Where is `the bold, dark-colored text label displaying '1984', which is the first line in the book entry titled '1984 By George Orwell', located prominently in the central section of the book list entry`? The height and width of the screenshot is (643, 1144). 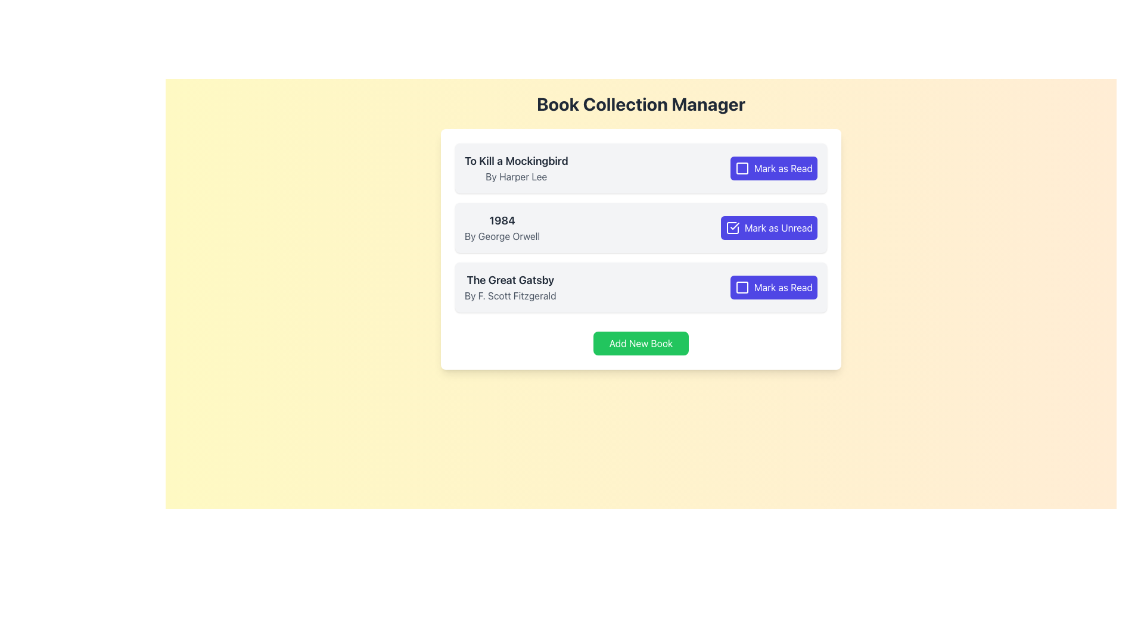
the bold, dark-colored text label displaying '1984', which is the first line in the book entry titled '1984 By George Orwell', located prominently in the central section of the book list entry is located at coordinates (502, 220).